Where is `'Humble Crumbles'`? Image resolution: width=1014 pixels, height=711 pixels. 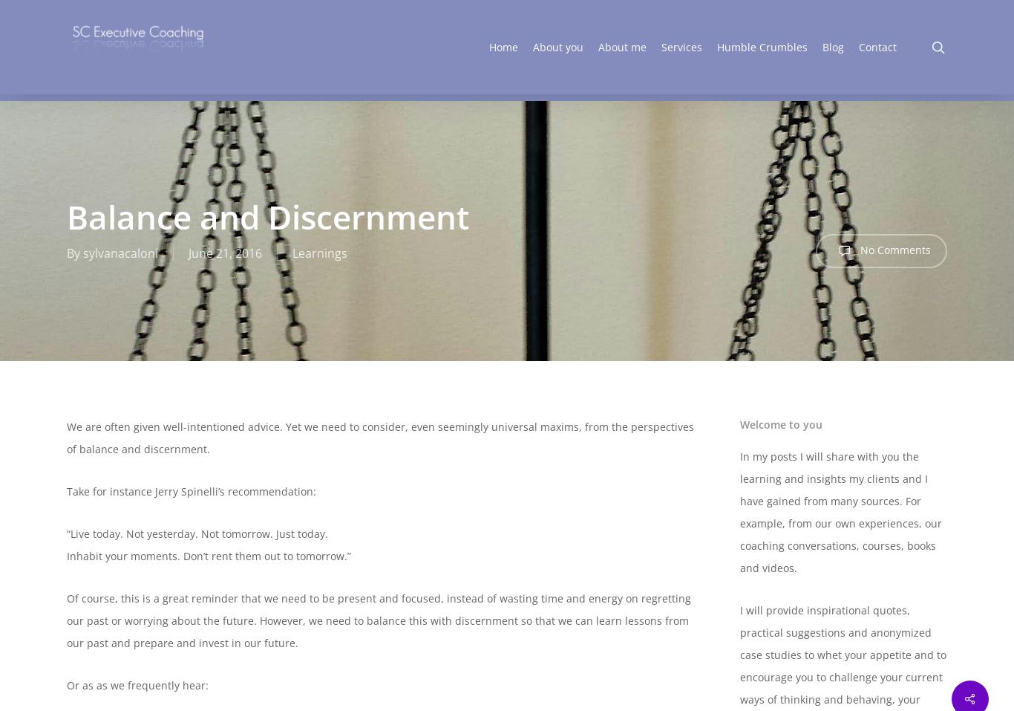 'Humble Crumbles' is located at coordinates (761, 49).